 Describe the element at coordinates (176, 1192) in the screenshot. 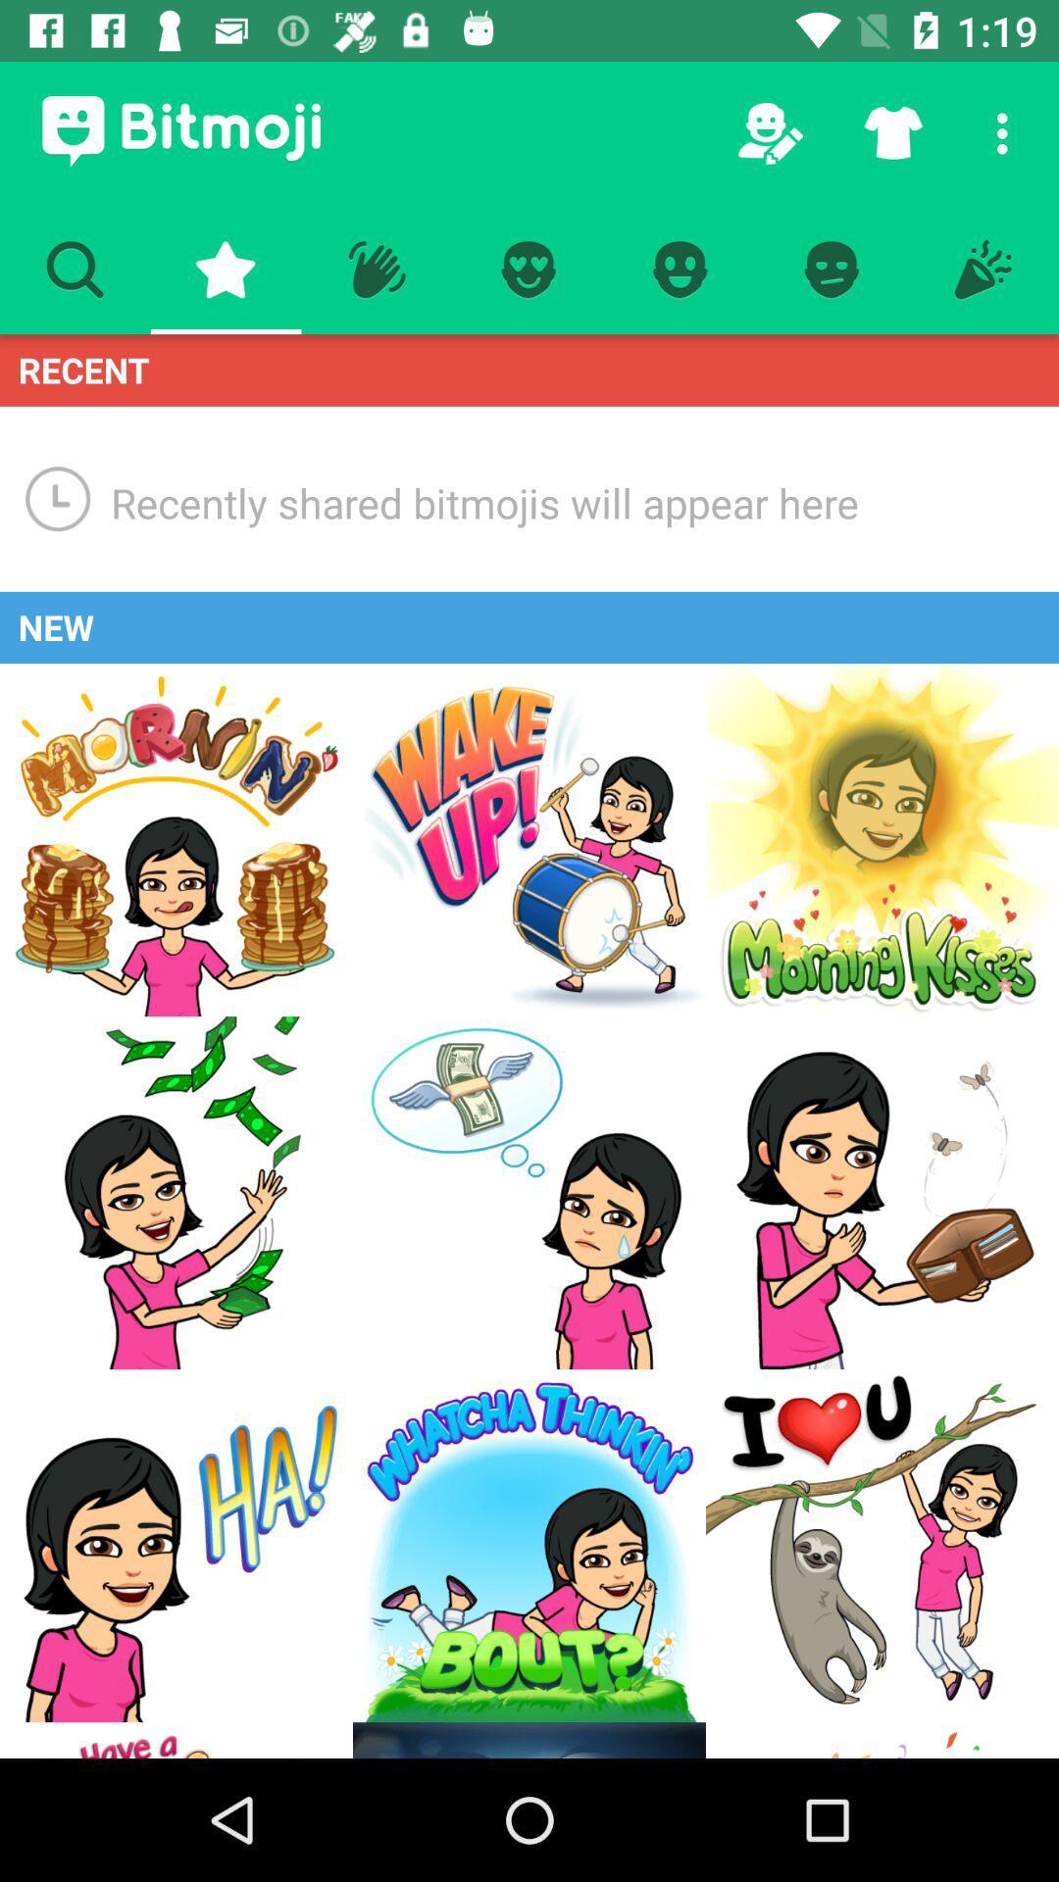

I see `see image` at that location.